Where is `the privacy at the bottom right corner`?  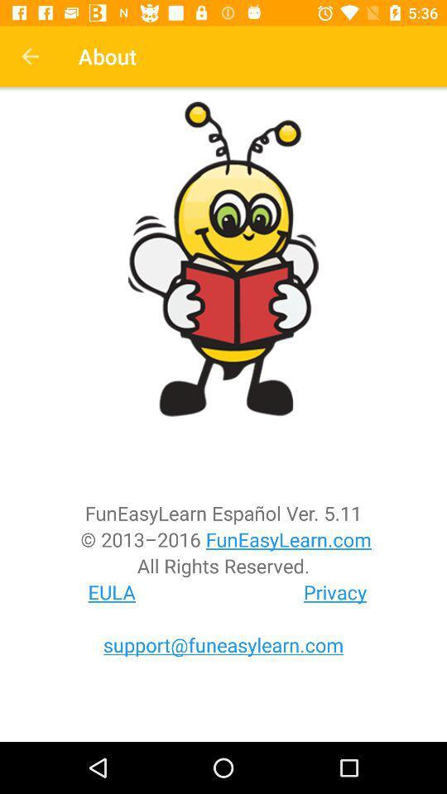 the privacy at the bottom right corner is located at coordinates (335, 592).